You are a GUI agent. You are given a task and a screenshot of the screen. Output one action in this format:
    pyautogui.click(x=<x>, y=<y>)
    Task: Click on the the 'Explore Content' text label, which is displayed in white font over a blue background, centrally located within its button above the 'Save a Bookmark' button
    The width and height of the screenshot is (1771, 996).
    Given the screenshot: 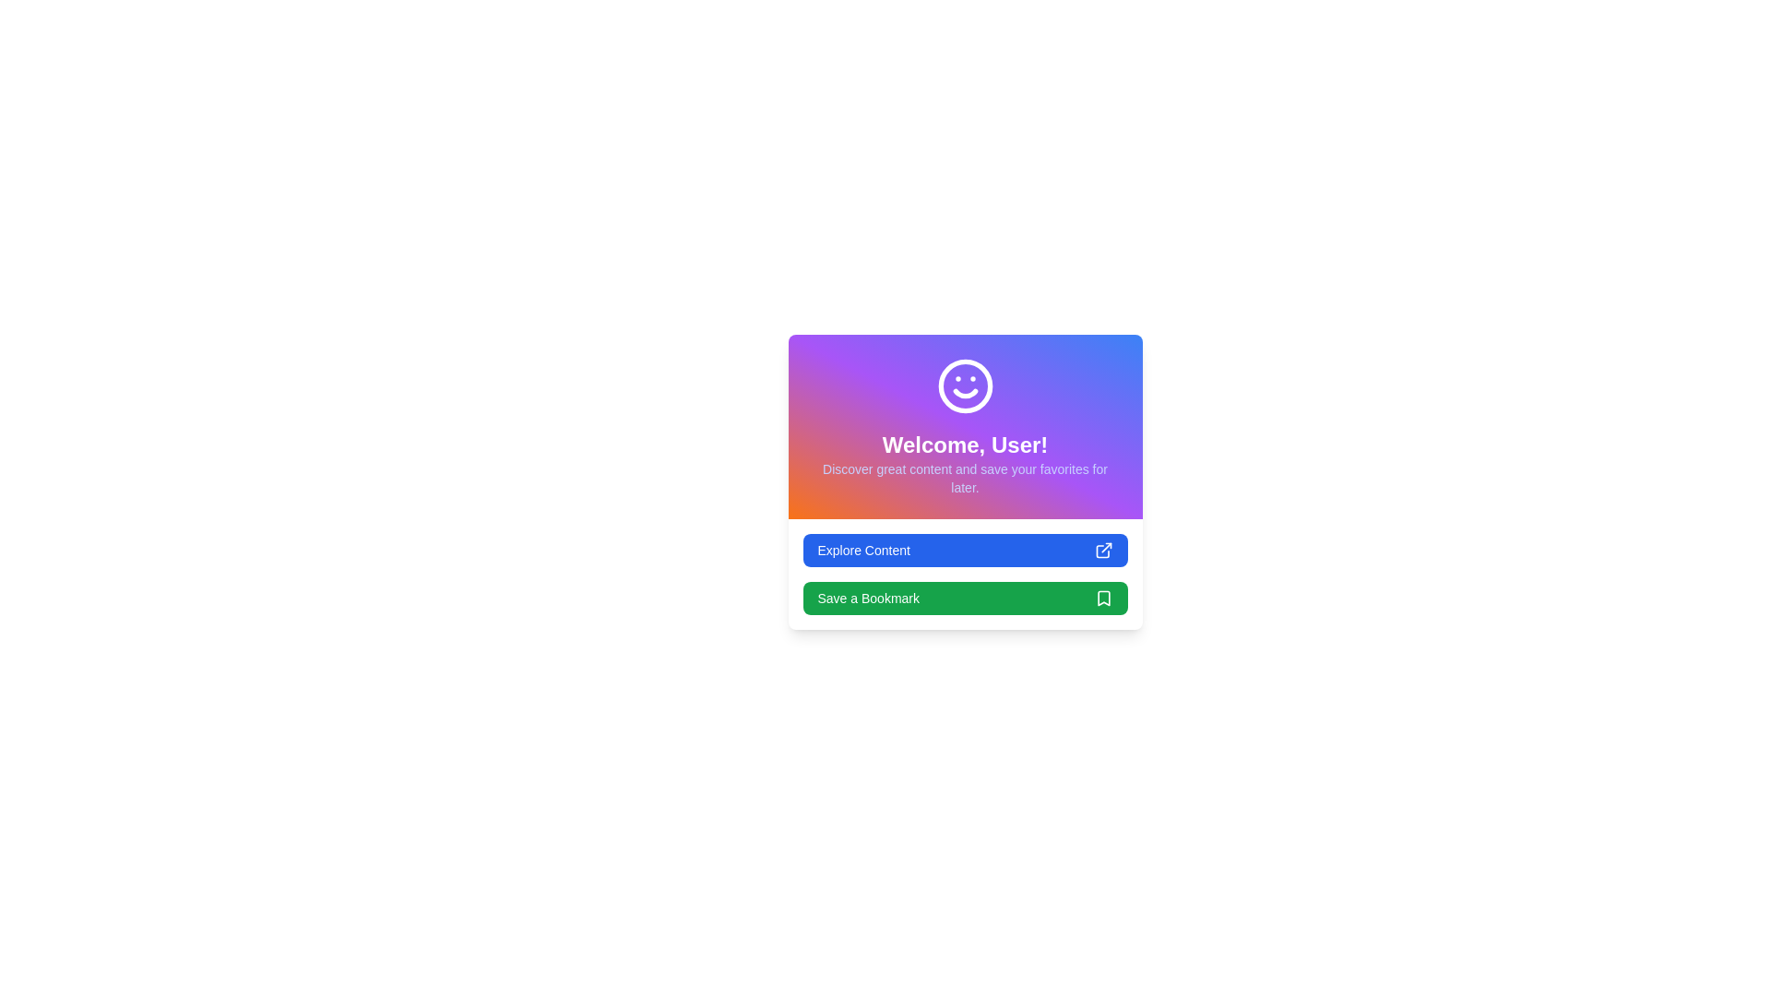 What is the action you would take?
    pyautogui.click(x=862, y=550)
    